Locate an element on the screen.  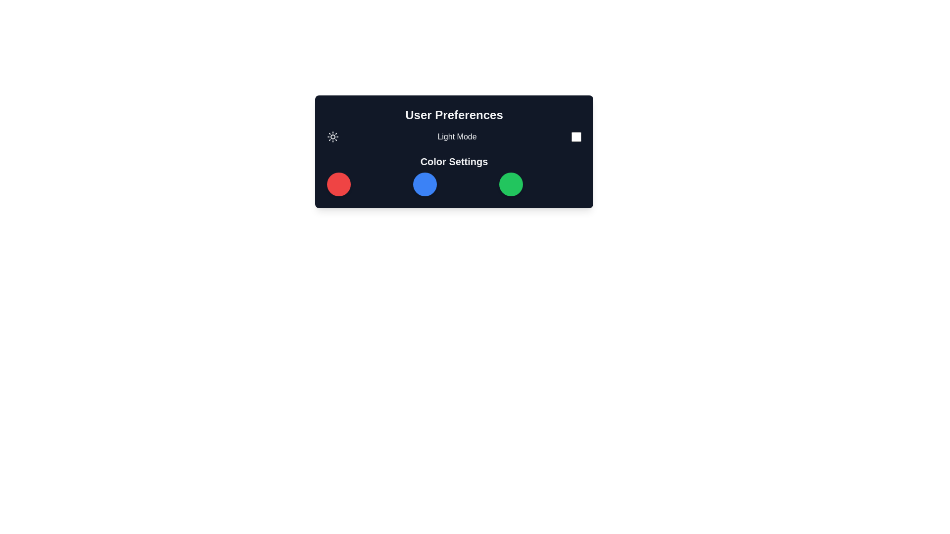
the 'User Preferences' label, which is styled with a large, bold font and positioned at the top center of the panel is located at coordinates (453, 114).